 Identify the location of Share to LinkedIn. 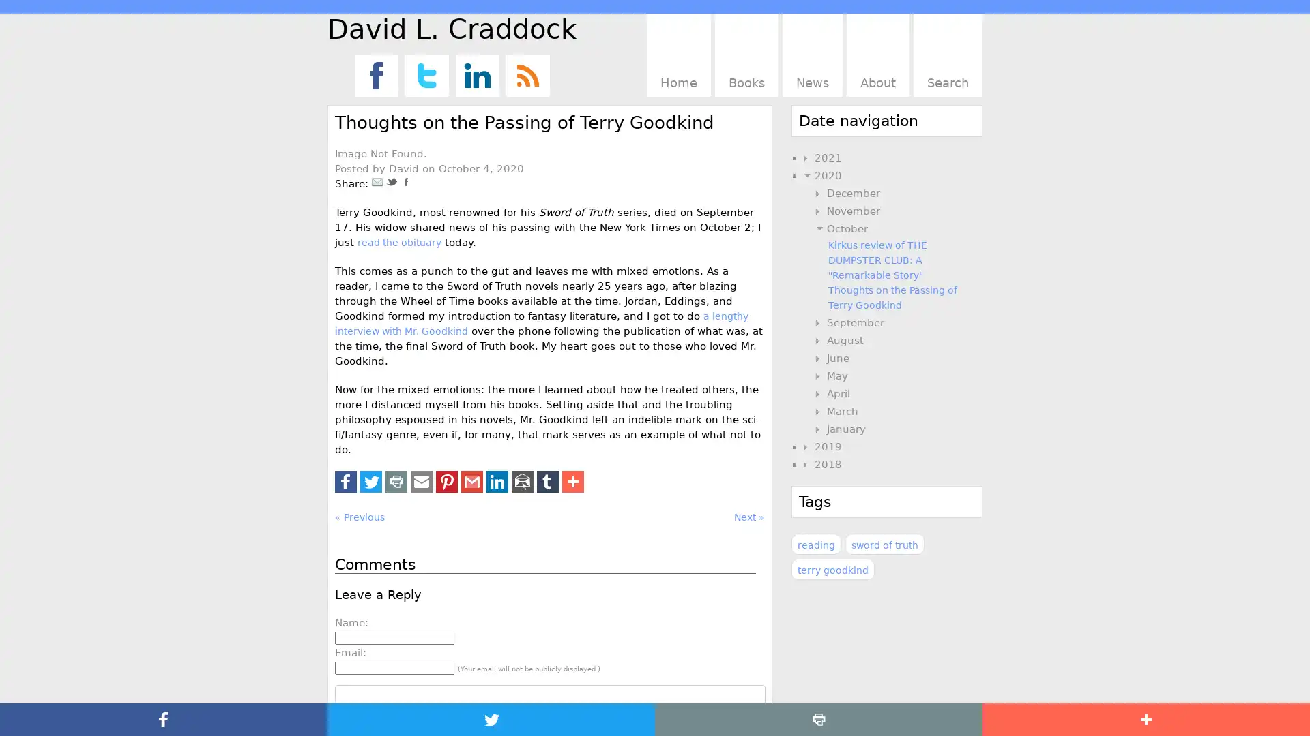
(497, 480).